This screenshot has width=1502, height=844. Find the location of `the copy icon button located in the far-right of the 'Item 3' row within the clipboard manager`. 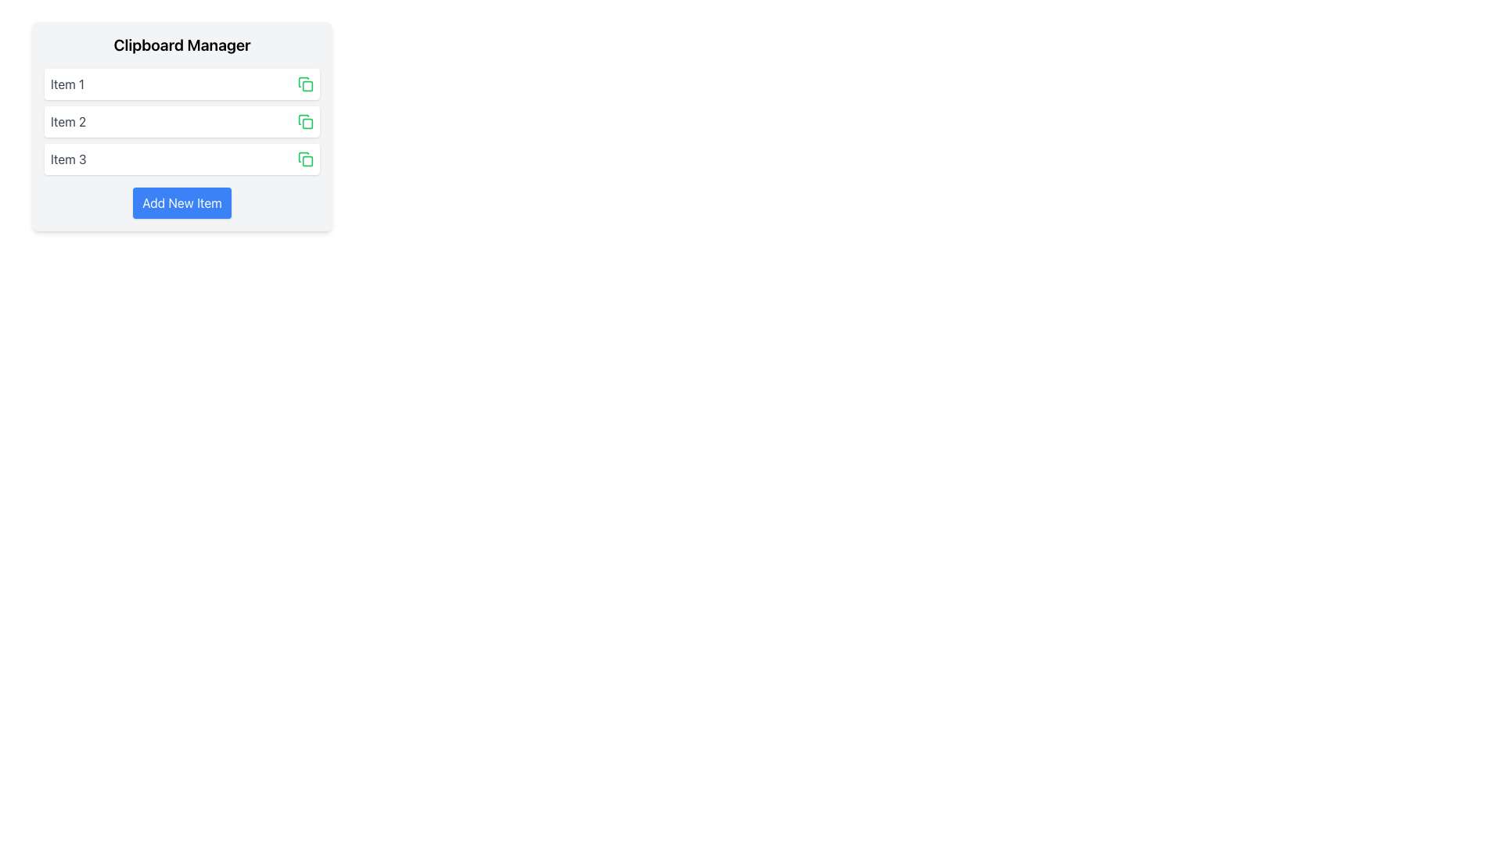

the copy icon button located in the far-right of the 'Item 3' row within the clipboard manager is located at coordinates (305, 159).